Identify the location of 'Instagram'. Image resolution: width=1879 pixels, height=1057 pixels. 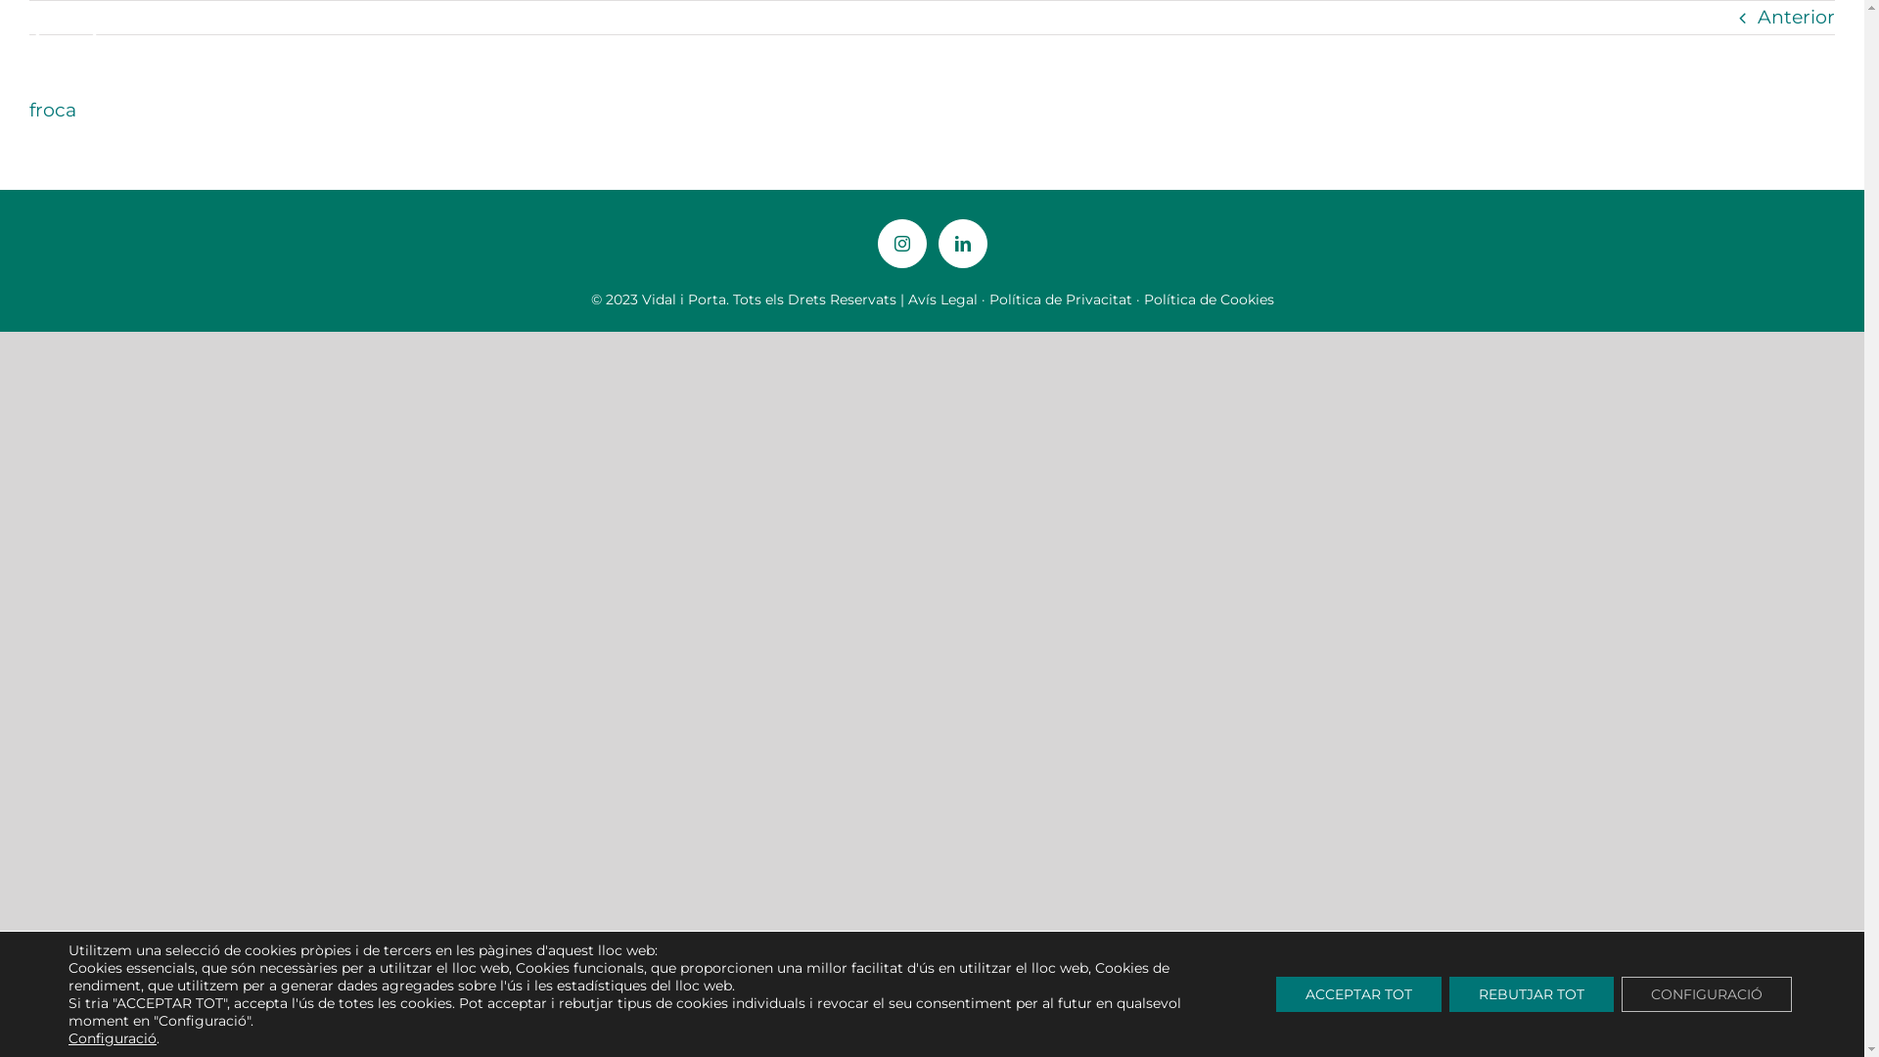
(900, 243).